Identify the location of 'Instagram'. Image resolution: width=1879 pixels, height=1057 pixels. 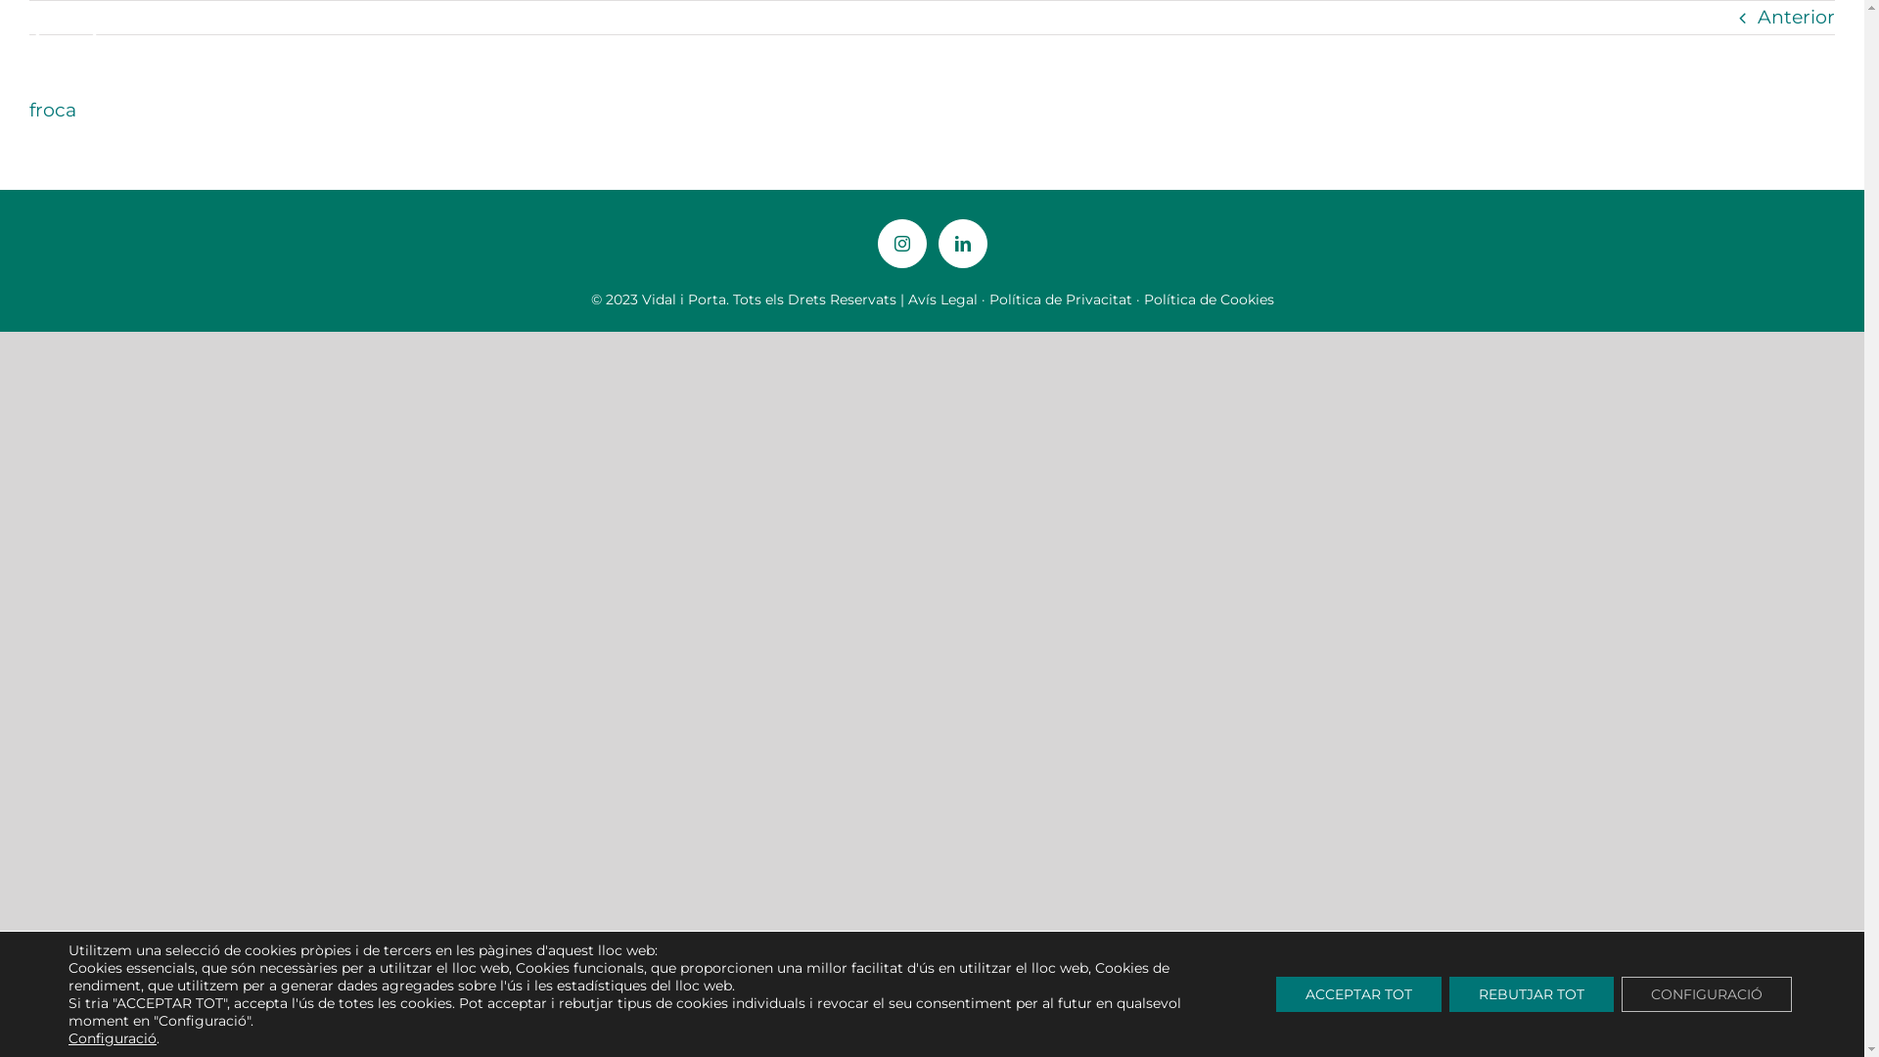
(900, 243).